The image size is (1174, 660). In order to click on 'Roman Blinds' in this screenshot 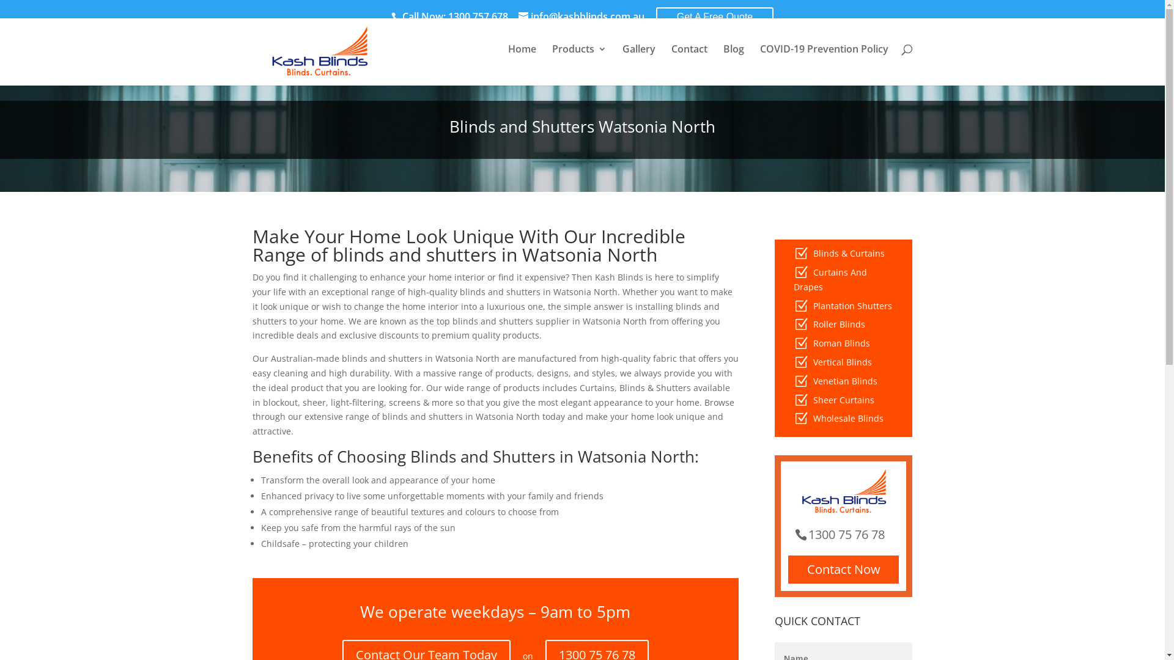, I will do `click(841, 343)`.